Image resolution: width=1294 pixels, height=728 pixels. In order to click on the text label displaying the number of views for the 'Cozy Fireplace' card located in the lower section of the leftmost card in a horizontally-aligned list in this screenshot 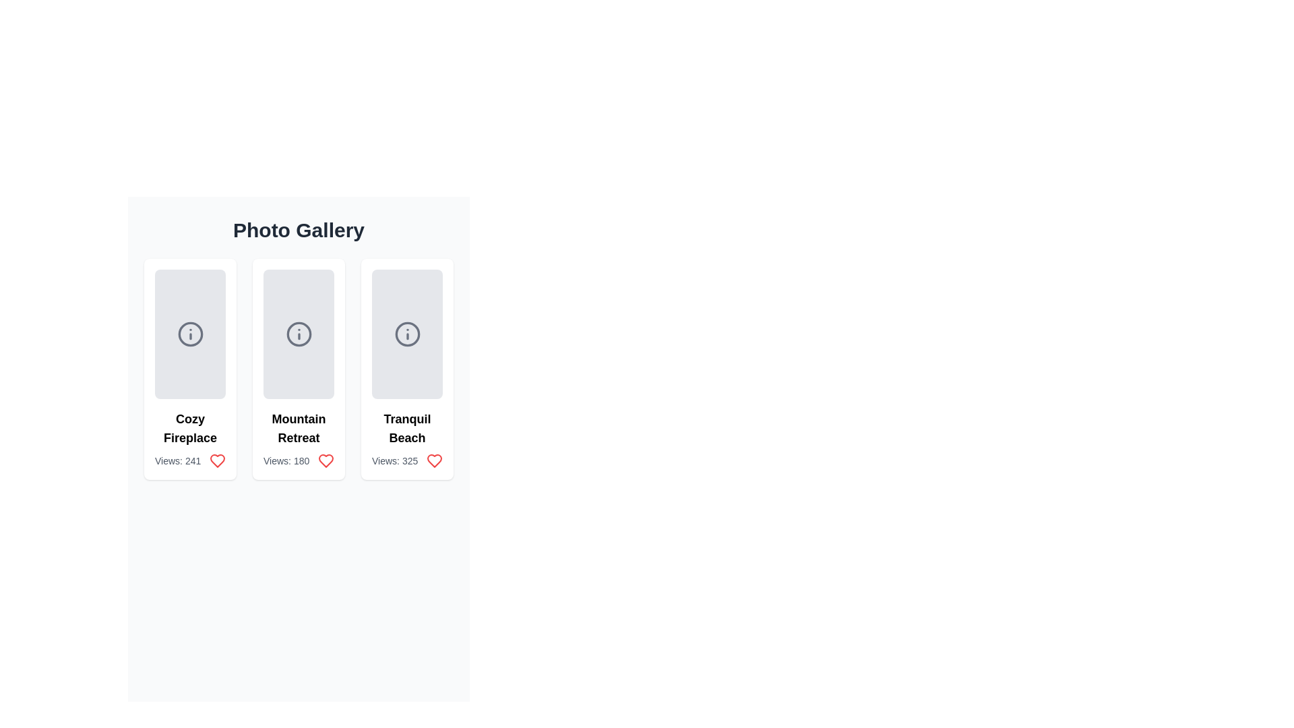, I will do `click(177, 460)`.